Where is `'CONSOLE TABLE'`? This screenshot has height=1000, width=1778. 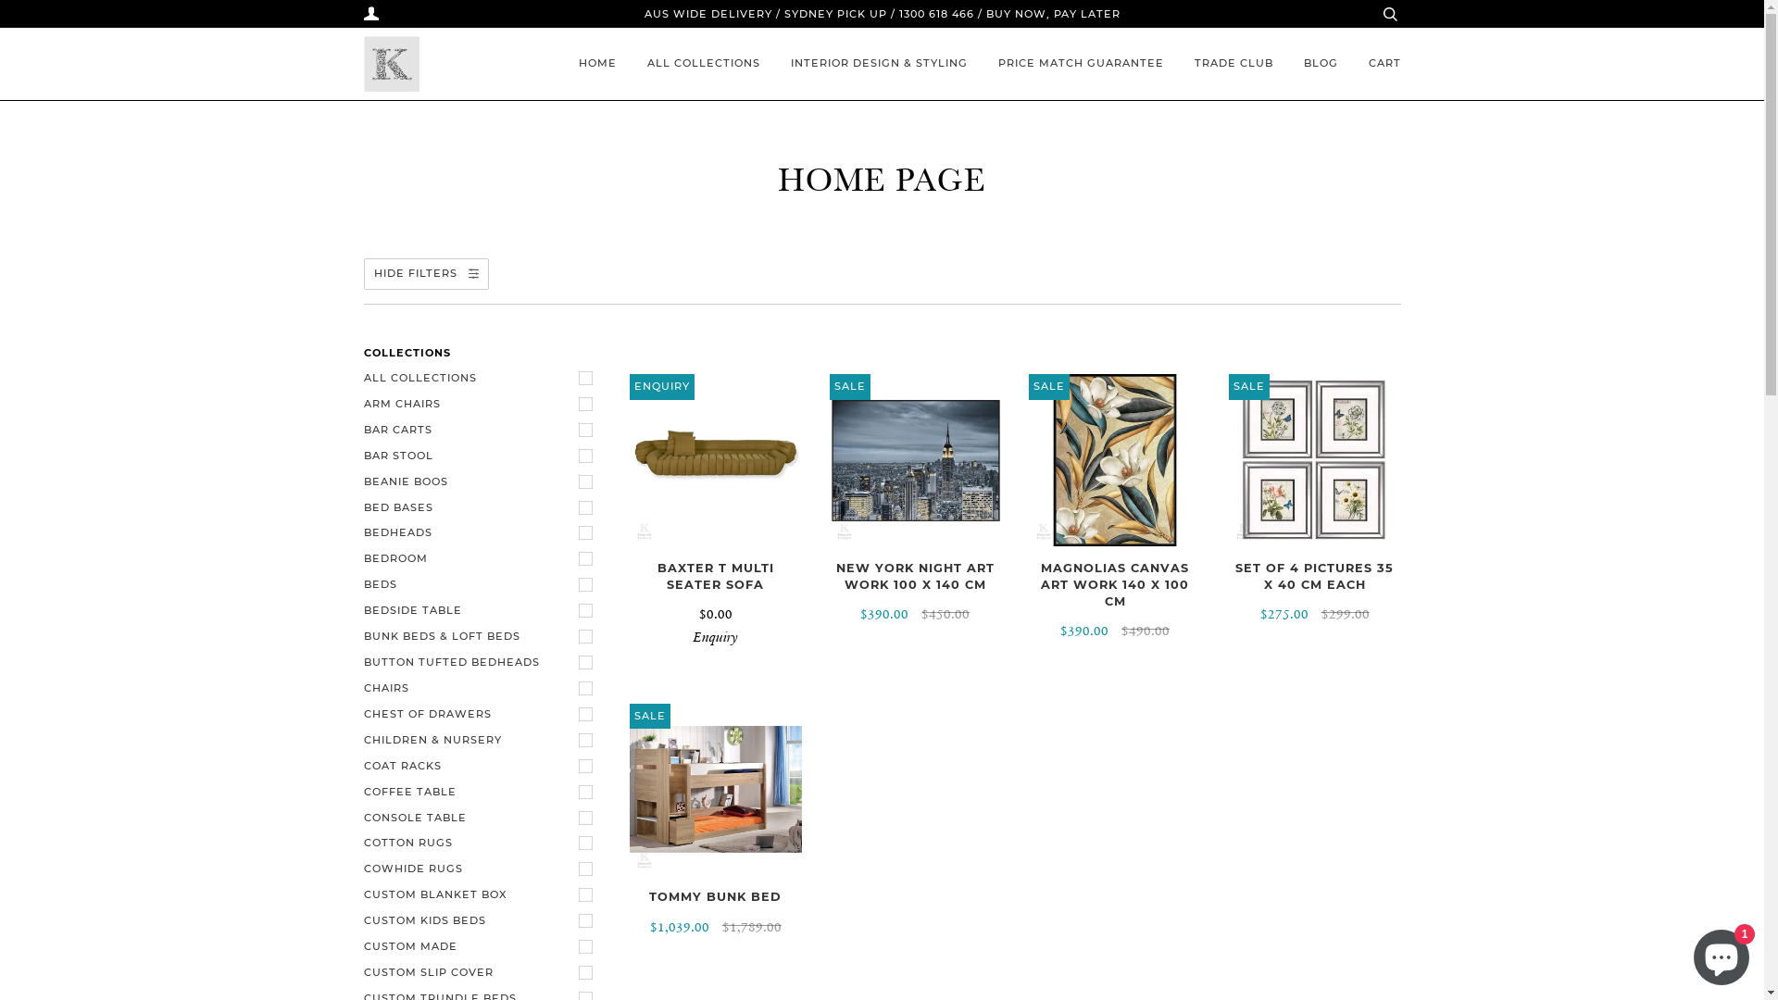
'CONSOLE TABLE' is located at coordinates (482, 817).